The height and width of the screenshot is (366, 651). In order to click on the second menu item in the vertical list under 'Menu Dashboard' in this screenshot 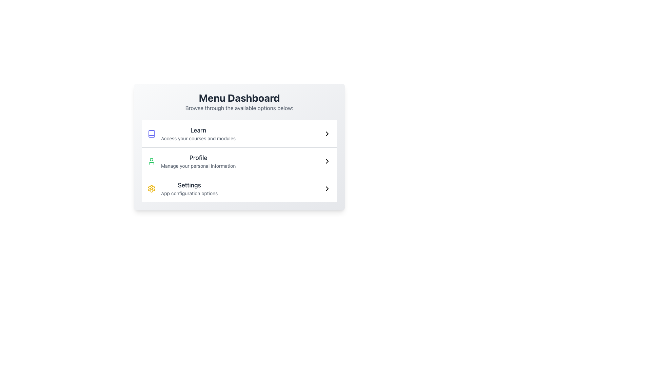, I will do `click(239, 161)`.